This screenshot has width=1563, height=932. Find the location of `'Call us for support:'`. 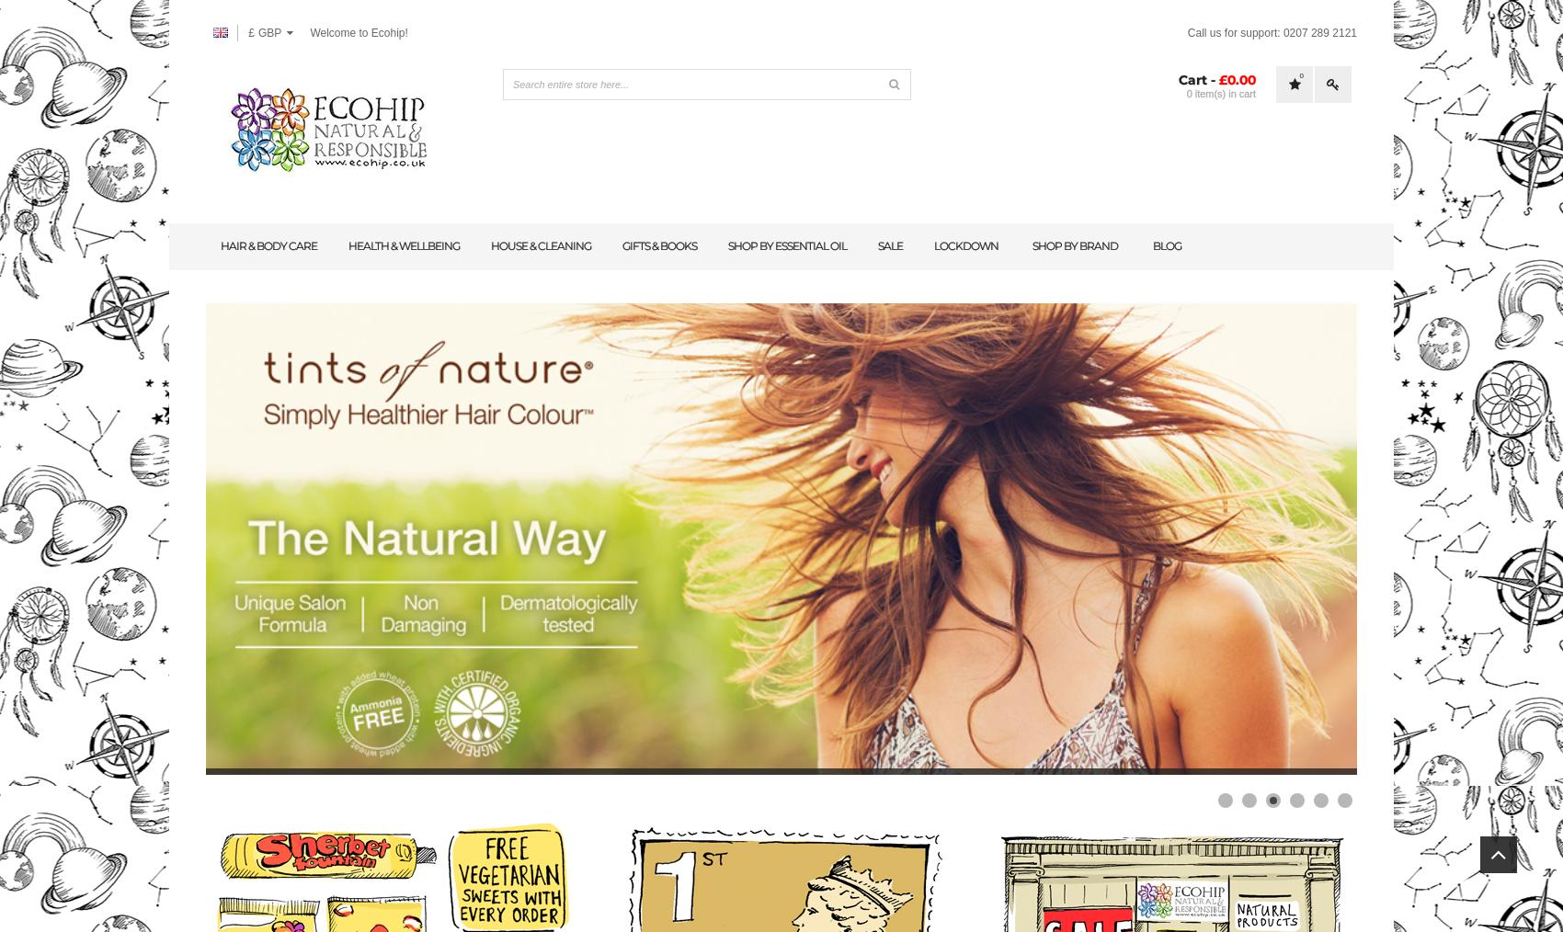

'Call us for support:' is located at coordinates (1186, 31).